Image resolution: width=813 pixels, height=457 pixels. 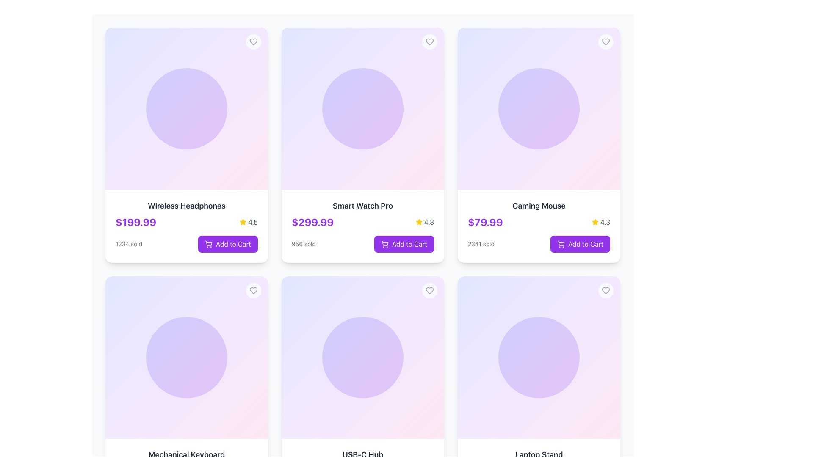 What do you see at coordinates (404, 244) in the screenshot?
I see `the 'Add to Cart' button located at the bottom-right corner of the 'Smart Watch Pro' product card` at bounding box center [404, 244].